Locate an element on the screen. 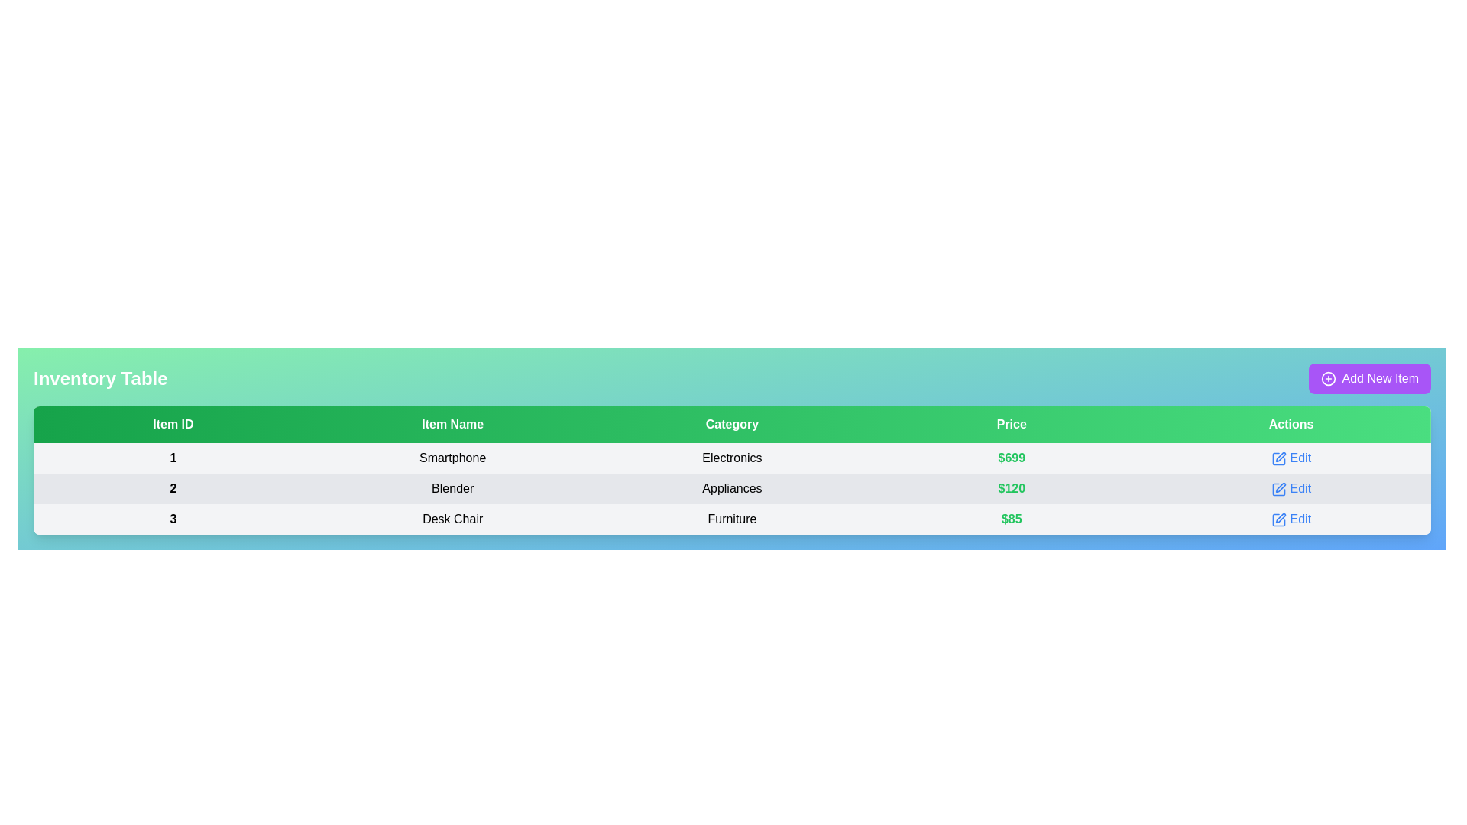 This screenshot has width=1467, height=825. the 'Edit' text link with a pen icon located in the last item of the 'Actions' column in the third row of the table is located at coordinates (1290, 518).